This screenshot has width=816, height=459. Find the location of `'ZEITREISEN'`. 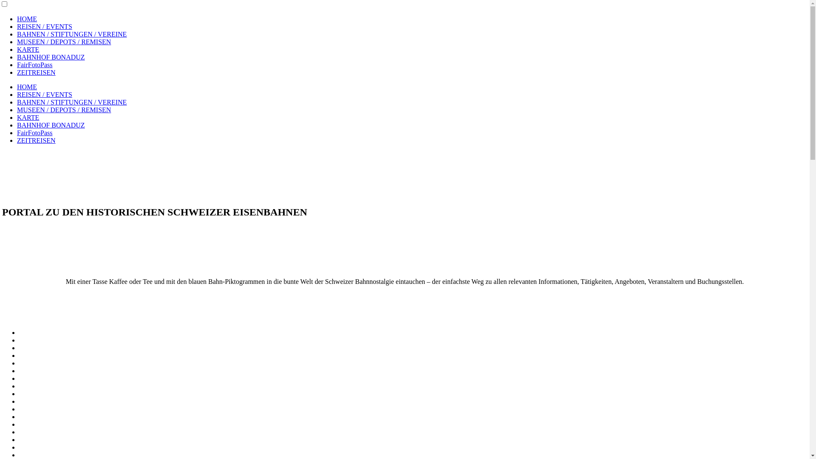

'ZEITREISEN' is located at coordinates (36, 72).